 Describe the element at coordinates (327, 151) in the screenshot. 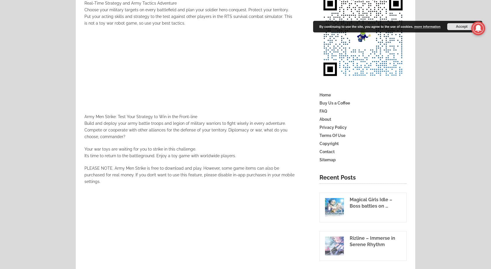

I see `'Contact'` at that location.